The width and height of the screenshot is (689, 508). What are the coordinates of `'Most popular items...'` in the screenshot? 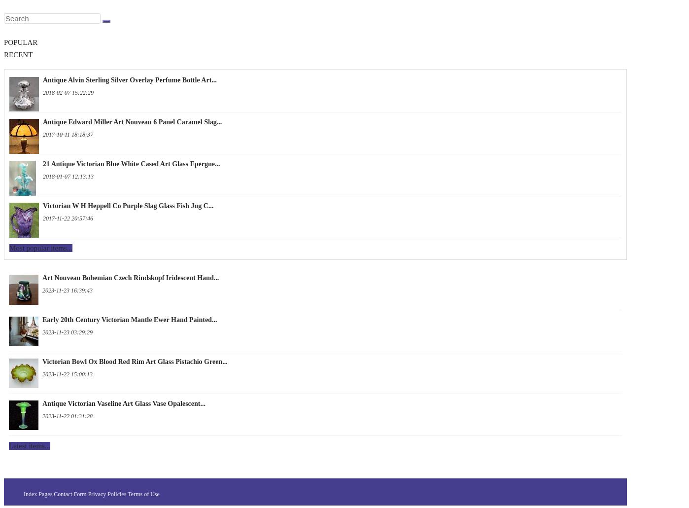 It's located at (9, 247).